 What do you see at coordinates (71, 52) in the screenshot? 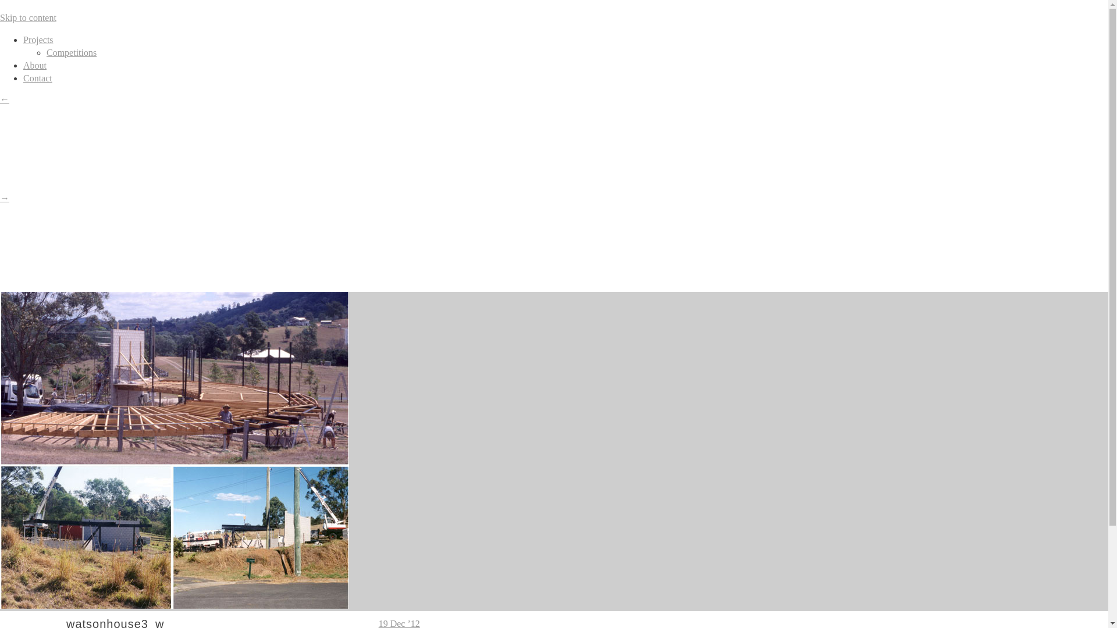
I see `'Competitions'` at bounding box center [71, 52].